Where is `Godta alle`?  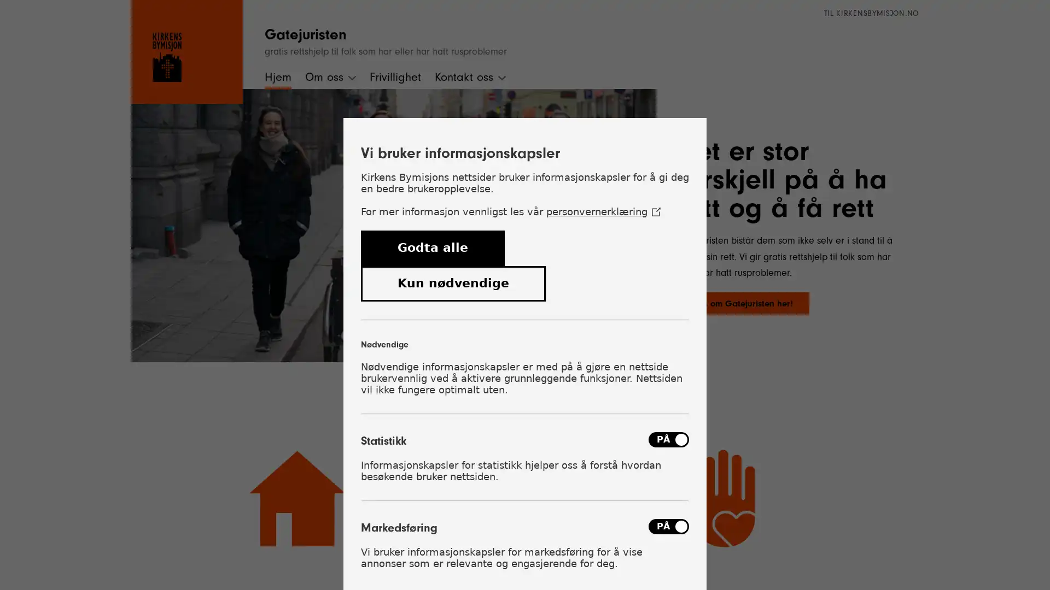
Godta alle is located at coordinates (432, 248).